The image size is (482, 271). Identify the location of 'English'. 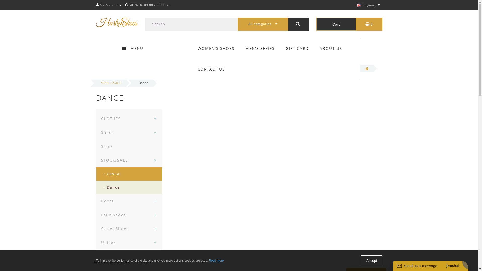
(356, 5).